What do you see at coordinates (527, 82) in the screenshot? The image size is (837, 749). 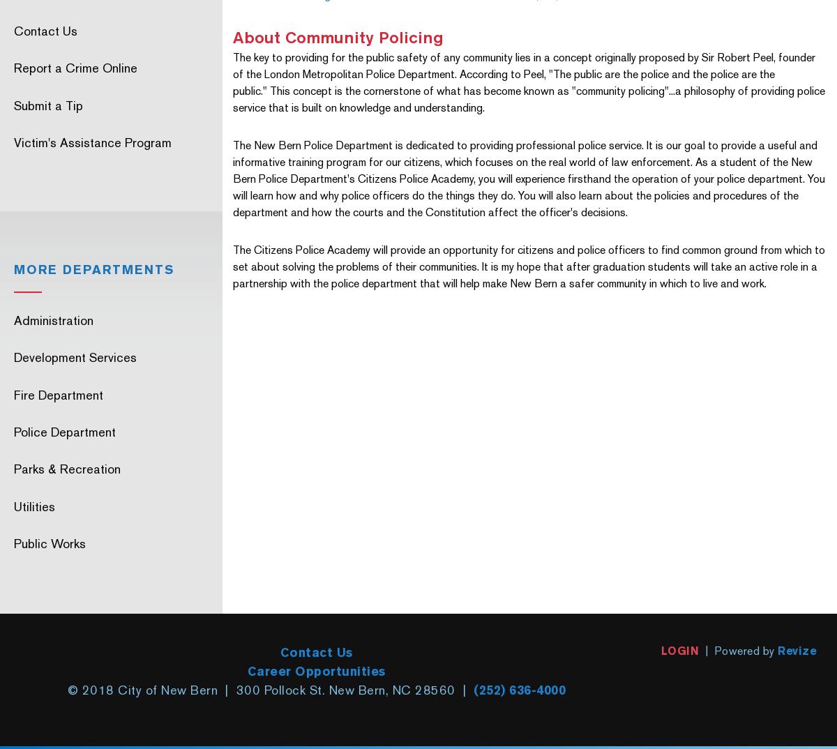 I see `'The key to providing for the public safety of any community lies in a concept originally proposed by Sir Robert Peel, founder of the London Metropolitan Police Department. According to Peel, "The public are the police and the police are the public." This concept is the cornerstone of what has become known as "community policing"...a philosophy of providing police service that is built on knowledge and understanding.'` at bounding box center [527, 82].